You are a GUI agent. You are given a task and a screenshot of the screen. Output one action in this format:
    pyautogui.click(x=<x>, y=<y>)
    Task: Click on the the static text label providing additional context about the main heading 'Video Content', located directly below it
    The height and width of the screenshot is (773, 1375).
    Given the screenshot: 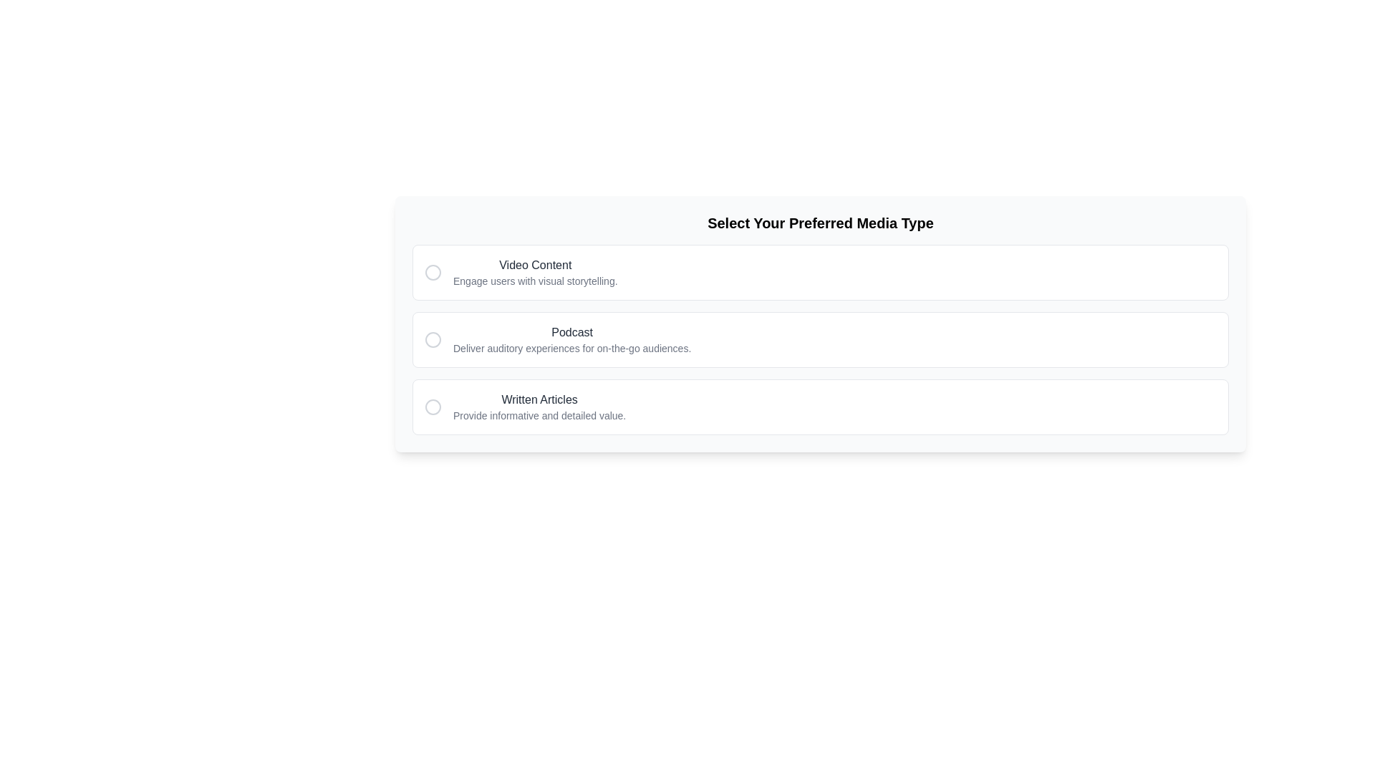 What is the action you would take?
    pyautogui.click(x=534, y=281)
    